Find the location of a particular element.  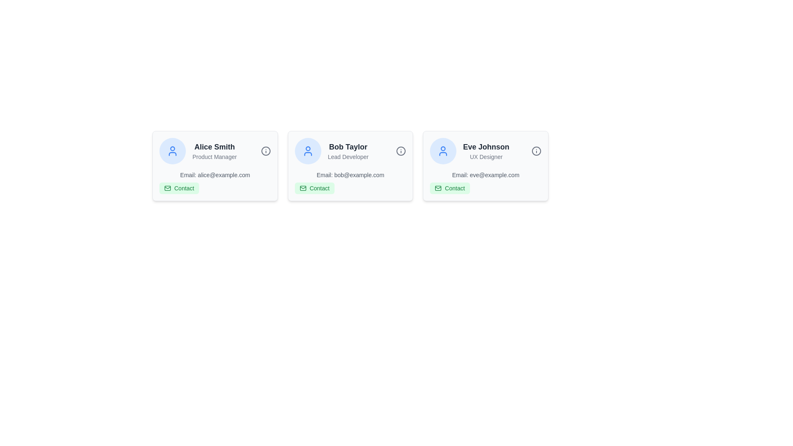

lower outline of the user profile icon for Bob Taylor, which is part of the decorative graphical component in the profile card is located at coordinates (443, 154).